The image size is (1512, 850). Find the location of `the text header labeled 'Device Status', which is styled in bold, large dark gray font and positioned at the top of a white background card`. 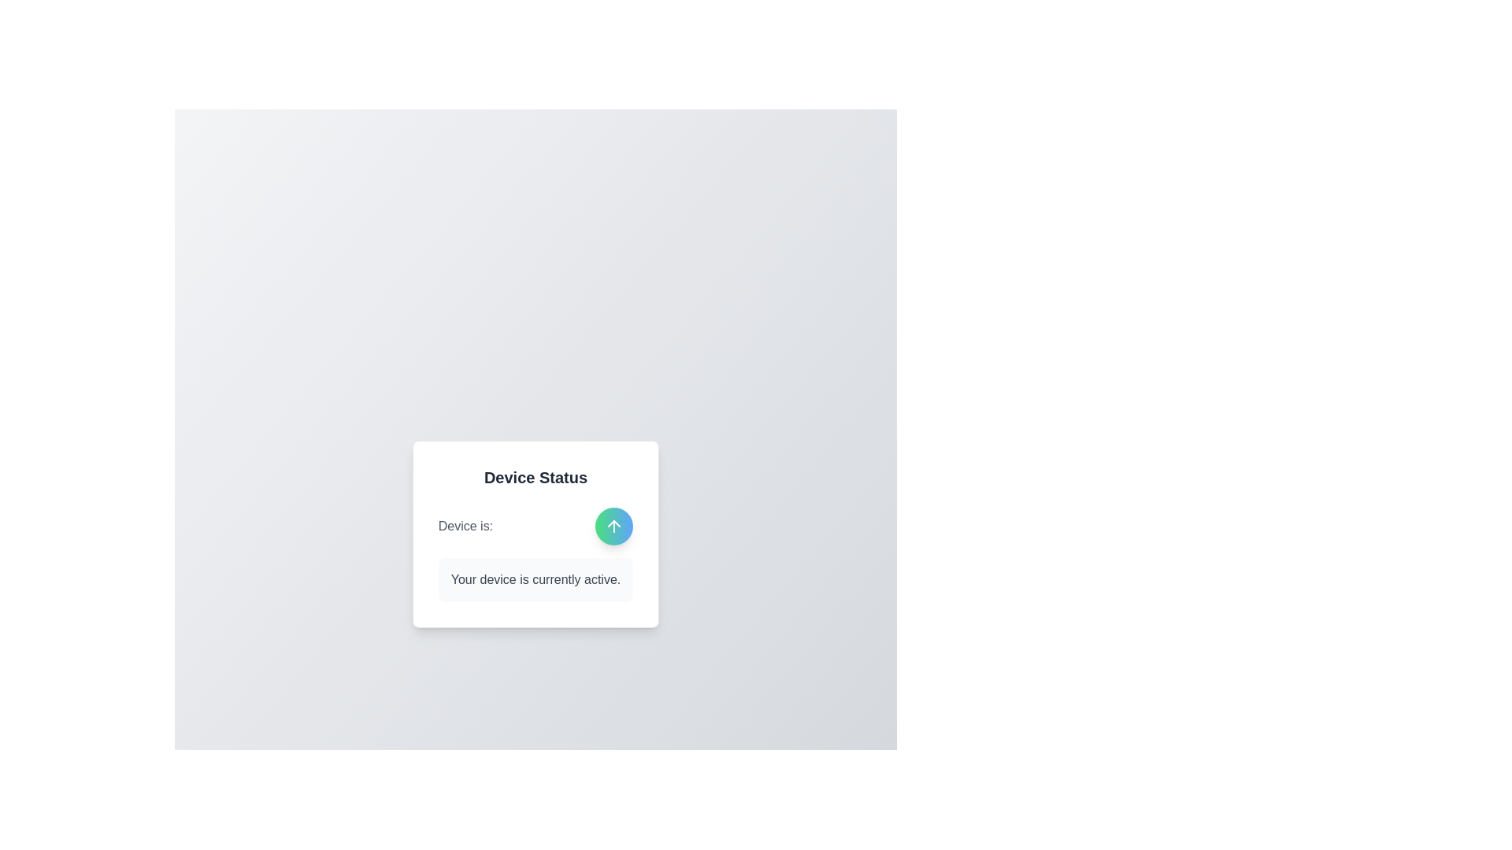

the text header labeled 'Device Status', which is styled in bold, large dark gray font and positioned at the top of a white background card is located at coordinates (535, 476).